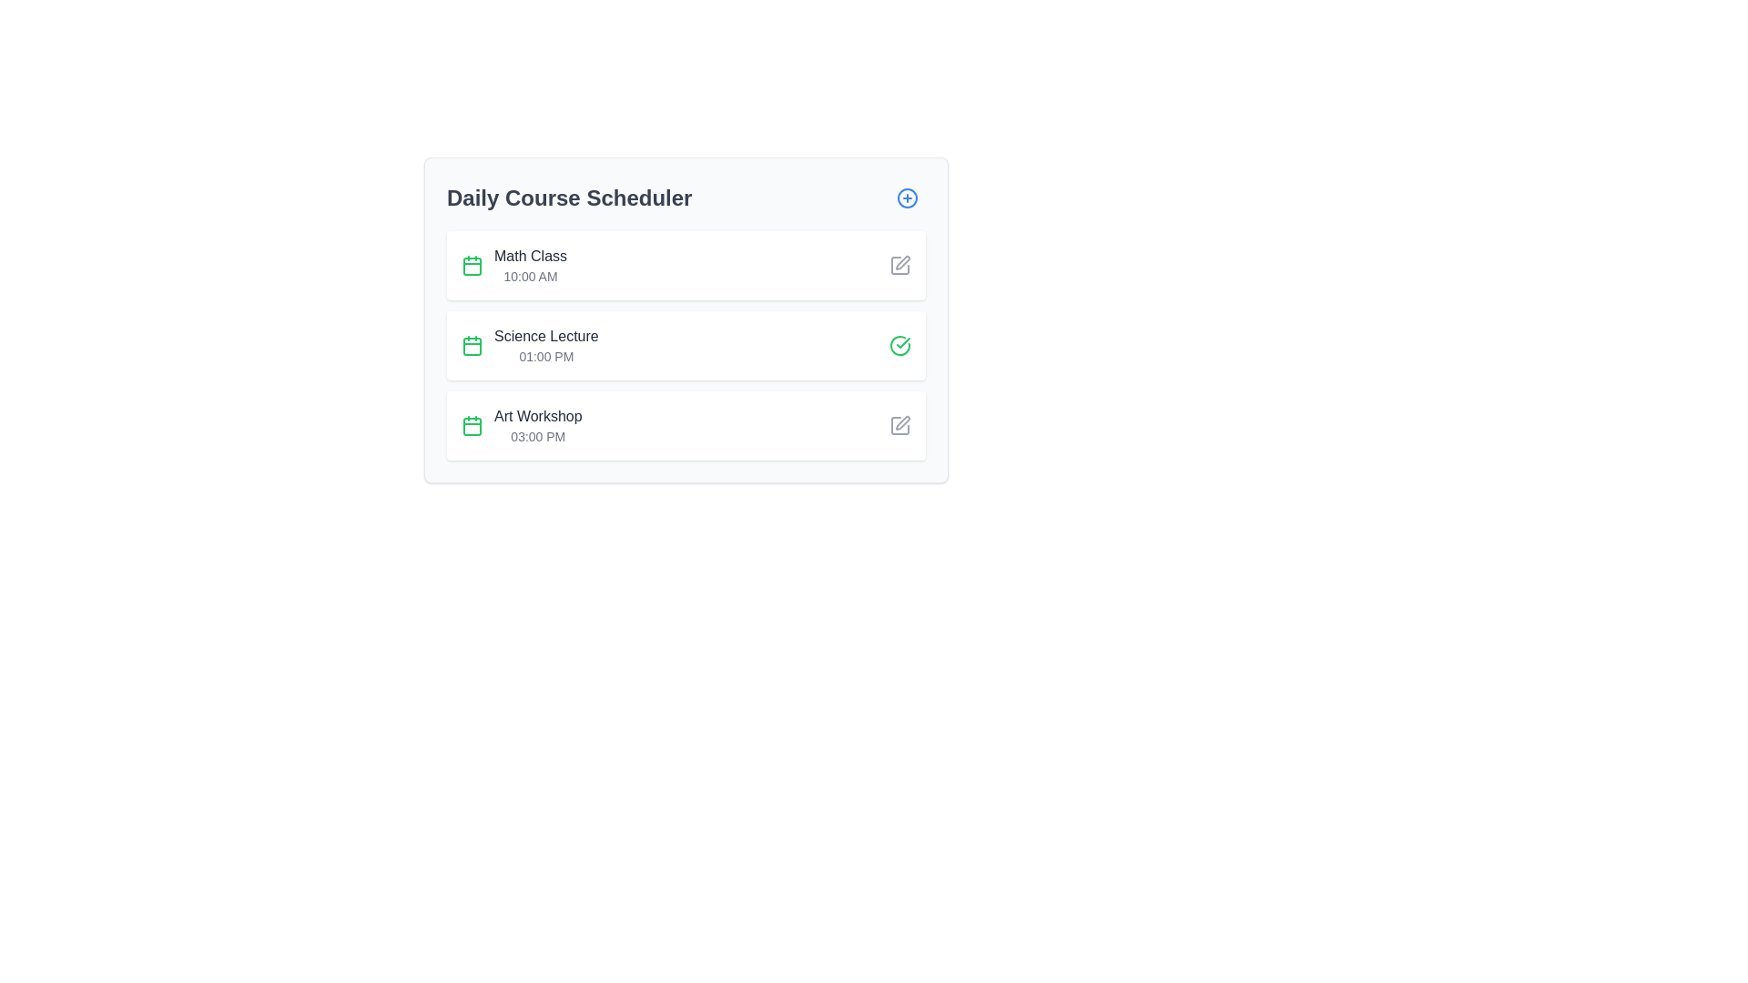 This screenshot has height=983, width=1748. I want to click on the 'Science Lecture' text label, which displays the time '01:00 PM' and is positioned below a calendar icon in the Daily Course Scheduler list, so click(545, 346).